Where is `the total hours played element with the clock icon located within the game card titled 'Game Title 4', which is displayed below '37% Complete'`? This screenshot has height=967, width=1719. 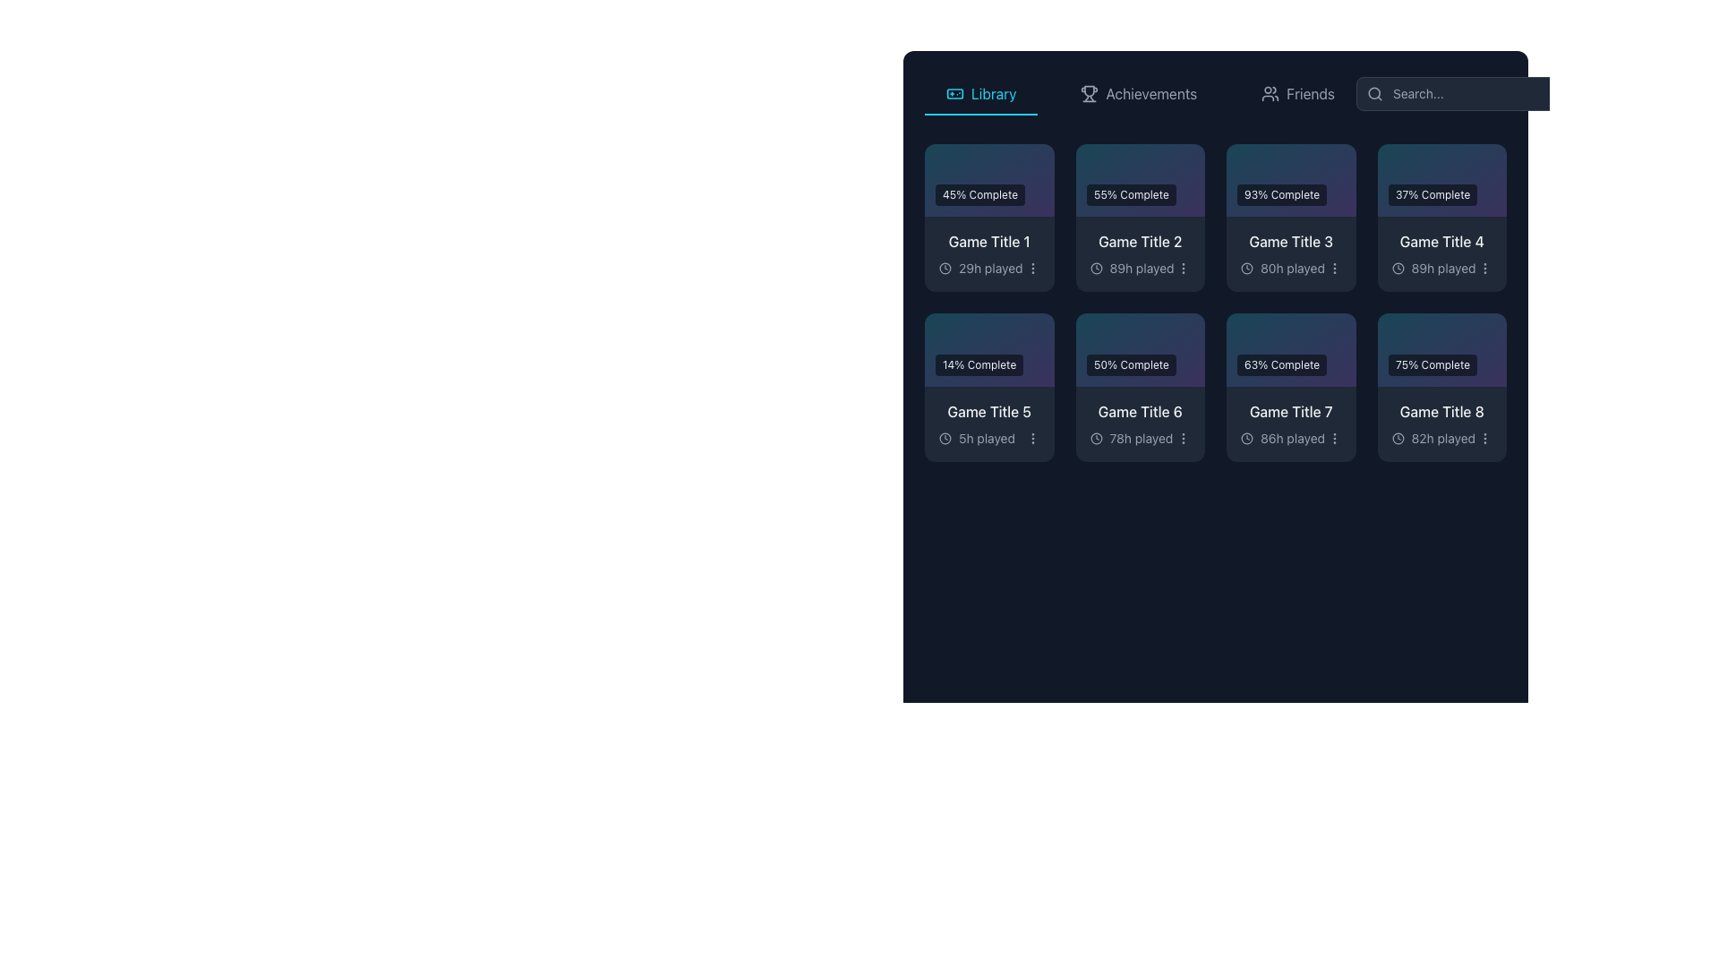 the total hours played element with the clock icon located within the game card titled 'Game Title 4', which is displayed below '37% Complete' is located at coordinates (1441, 269).